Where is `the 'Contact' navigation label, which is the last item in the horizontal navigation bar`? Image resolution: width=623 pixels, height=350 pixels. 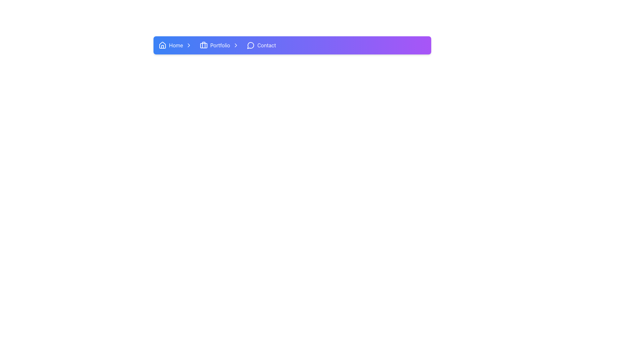
the 'Contact' navigation label, which is the last item in the horizontal navigation bar is located at coordinates (262, 45).